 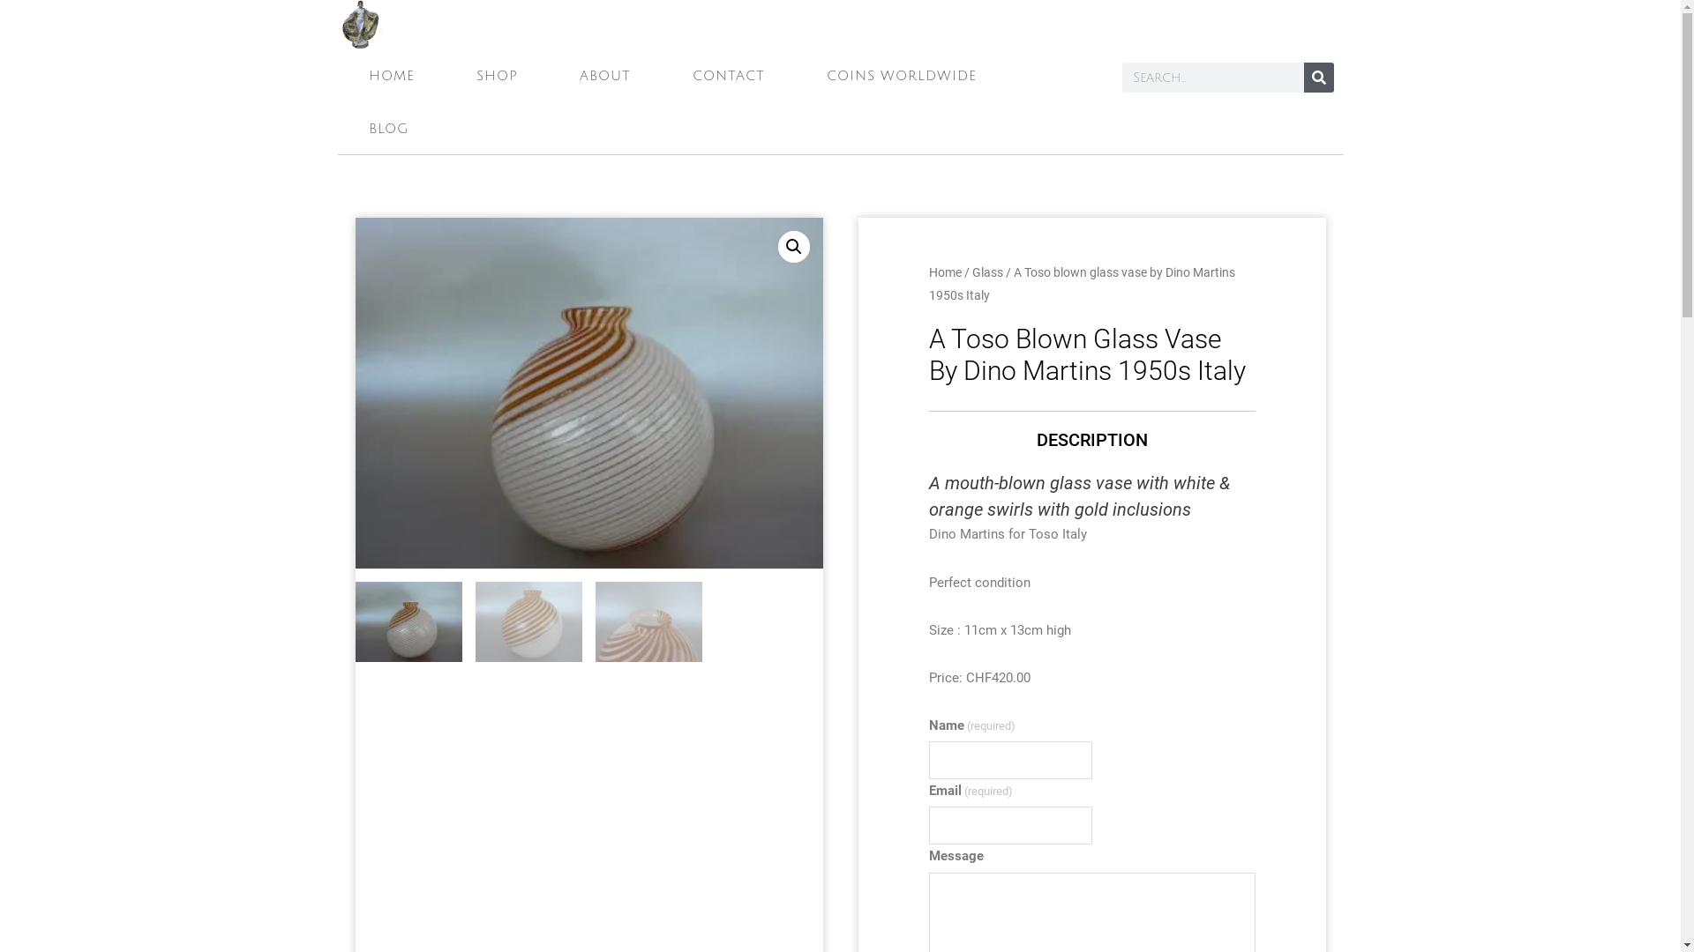 What do you see at coordinates (495, 74) in the screenshot?
I see `'SHOP'` at bounding box center [495, 74].